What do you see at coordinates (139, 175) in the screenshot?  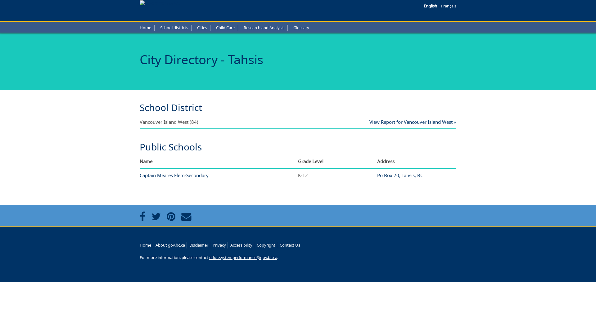 I see `'Captain Meares Elem-Secondary'` at bounding box center [139, 175].